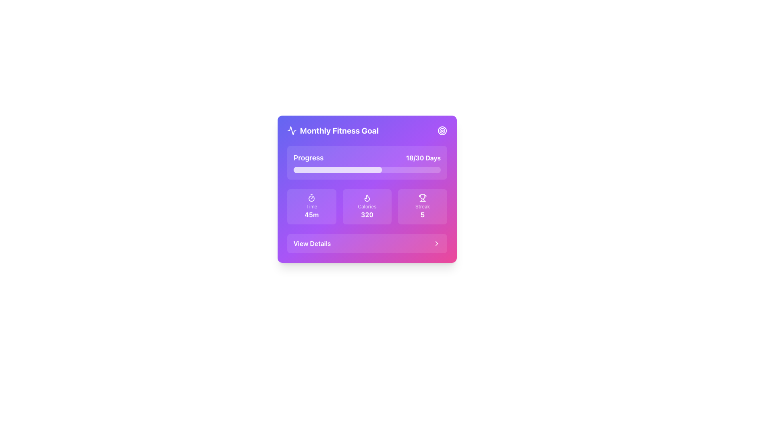  What do you see at coordinates (436, 243) in the screenshot?
I see `the small, right-pointing chevron icon located in the bottom-right corner of the 'Monthly Fitness Goal' section` at bounding box center [436, 243].